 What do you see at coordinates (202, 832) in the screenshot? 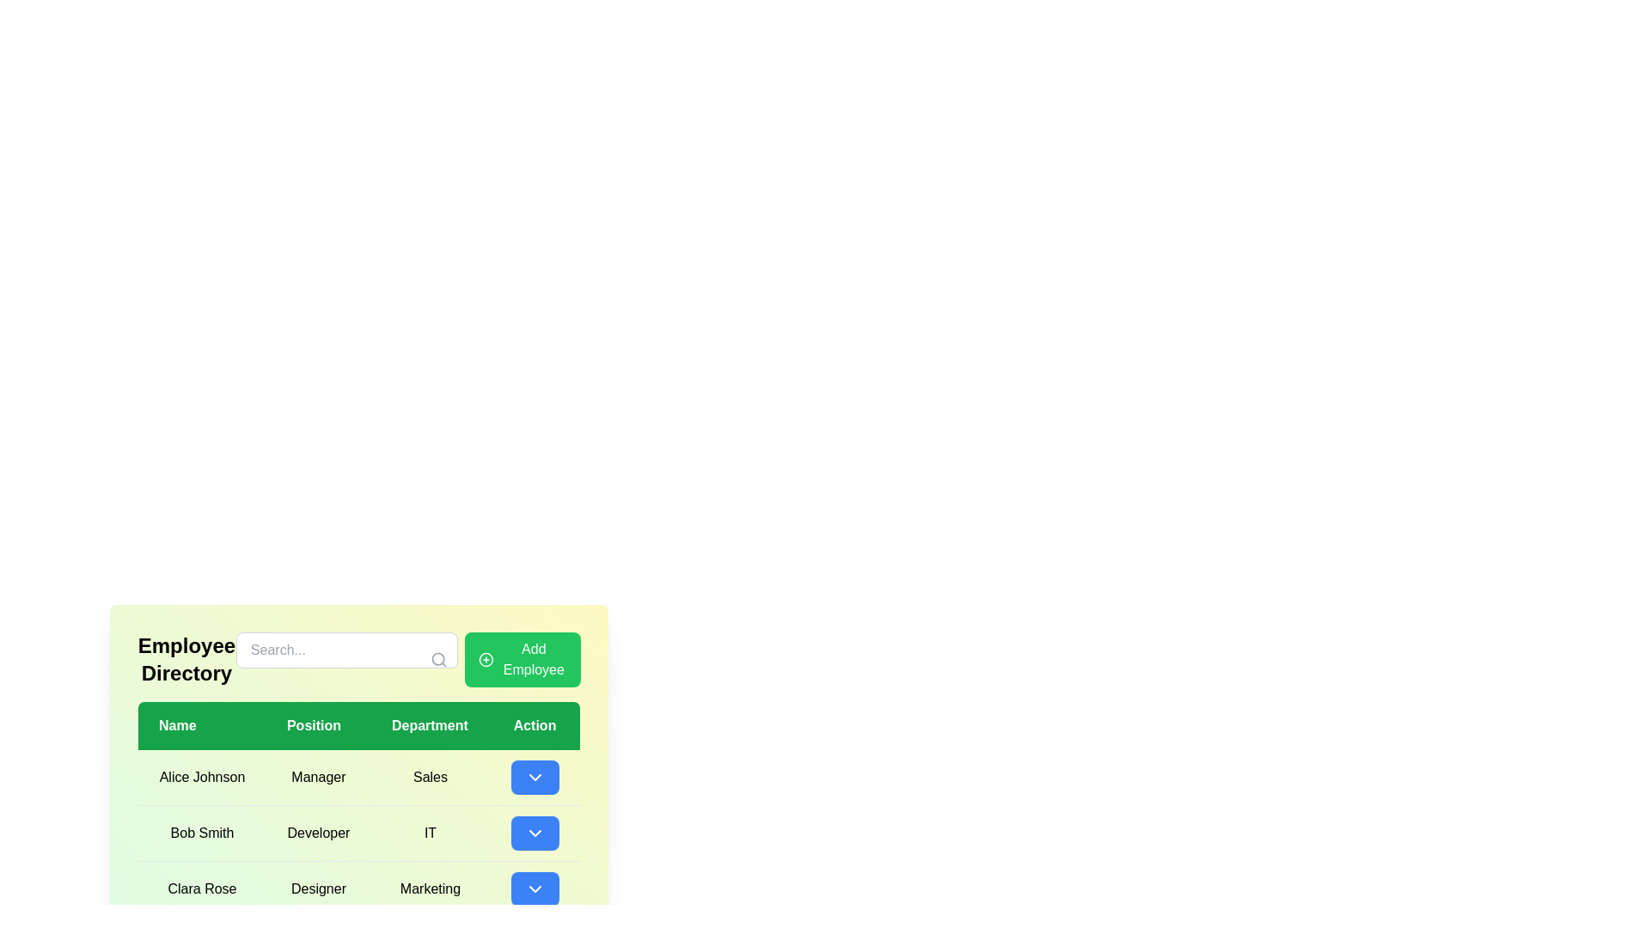
I see `name 'Bob Smith' located in the second row of the table under the 'Name' column` at bounding box center [202, 832].